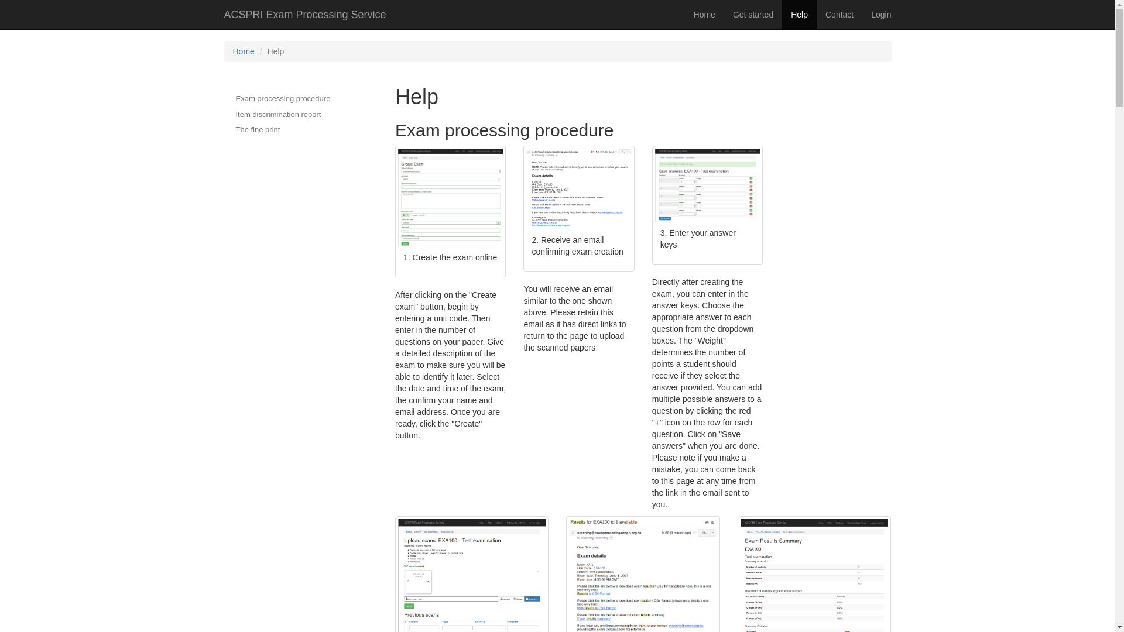 This screenshot has width=1124, height=632. Describe the element at coordinates (305, 14) in the screenshot. I see `'ACSPRI Exam Processing Service'` at that location.